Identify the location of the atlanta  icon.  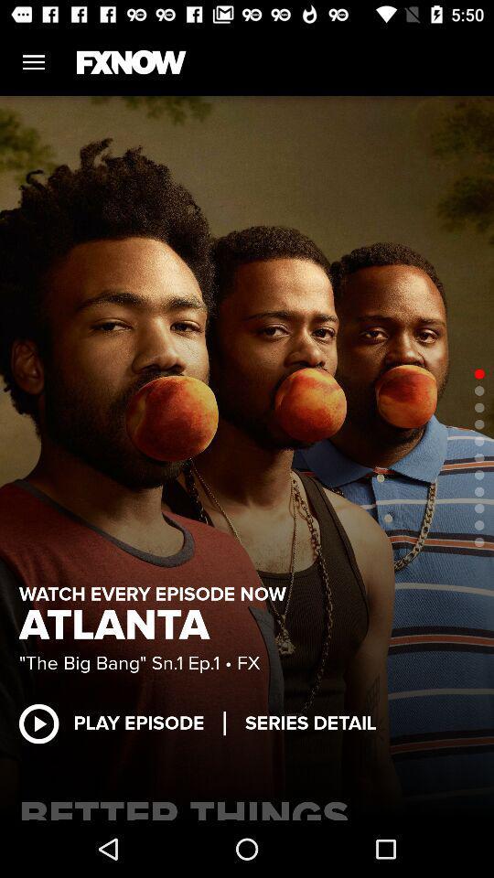
(120, 626).